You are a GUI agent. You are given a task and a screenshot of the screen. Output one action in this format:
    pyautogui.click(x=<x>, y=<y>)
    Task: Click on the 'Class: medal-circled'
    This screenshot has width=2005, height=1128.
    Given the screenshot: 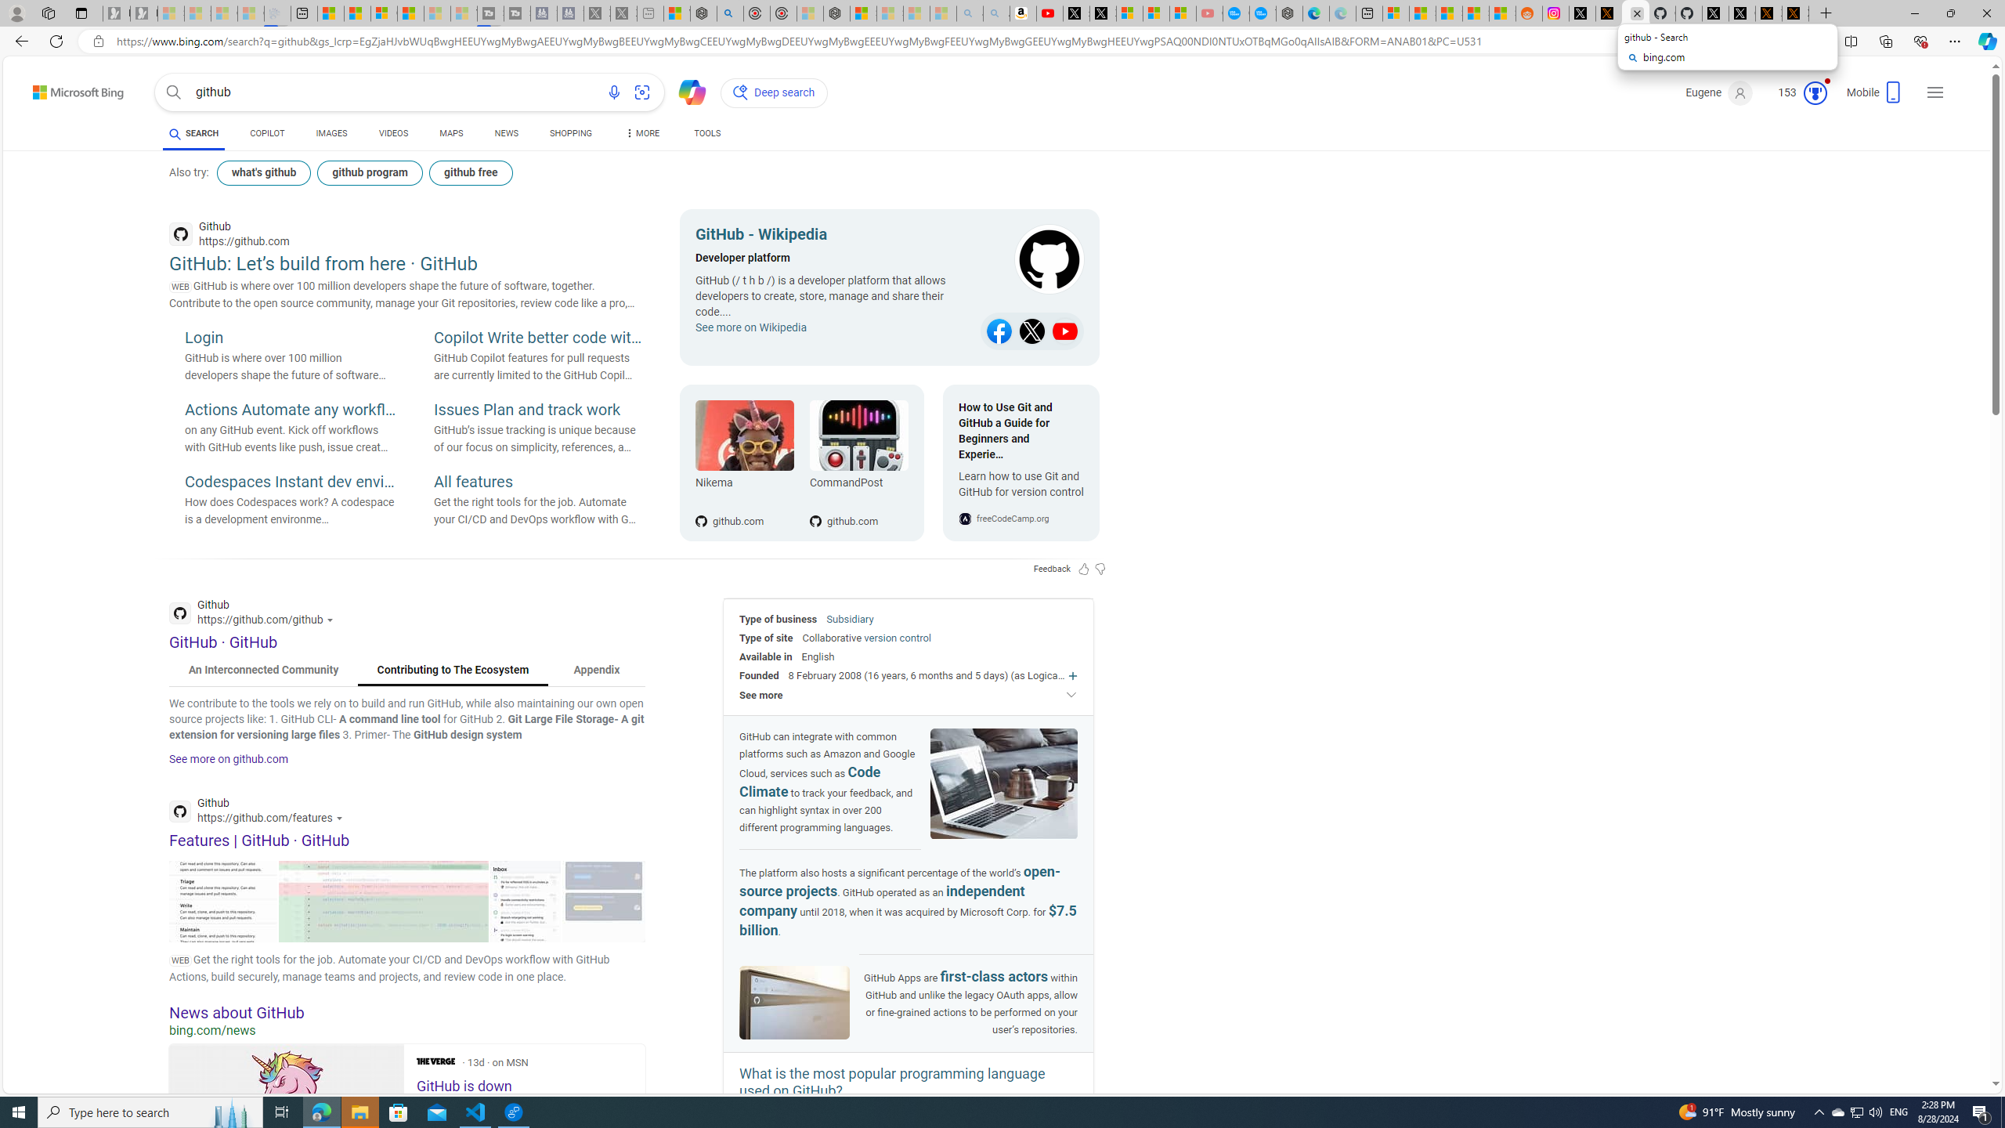 What is the action you would take?
    pyautogui.click(x=1815, y=92)
    